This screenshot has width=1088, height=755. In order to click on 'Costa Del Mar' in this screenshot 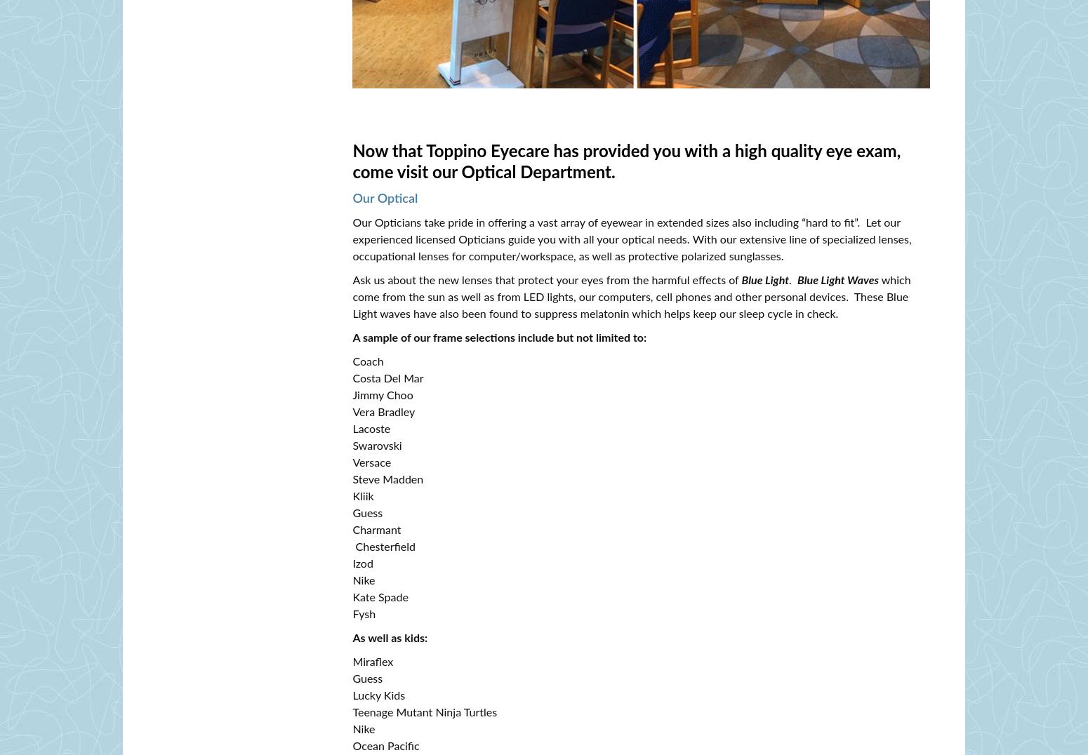, I will do `click(387, 378)`.